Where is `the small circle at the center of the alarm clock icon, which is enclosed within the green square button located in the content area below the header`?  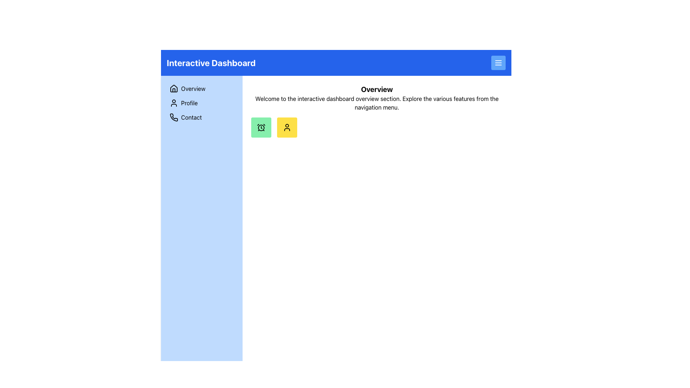 the small circle at the center of the alarm clock icon, which is enclosed within the green square button located in the content area below the header is located at coordinates (261, 127).